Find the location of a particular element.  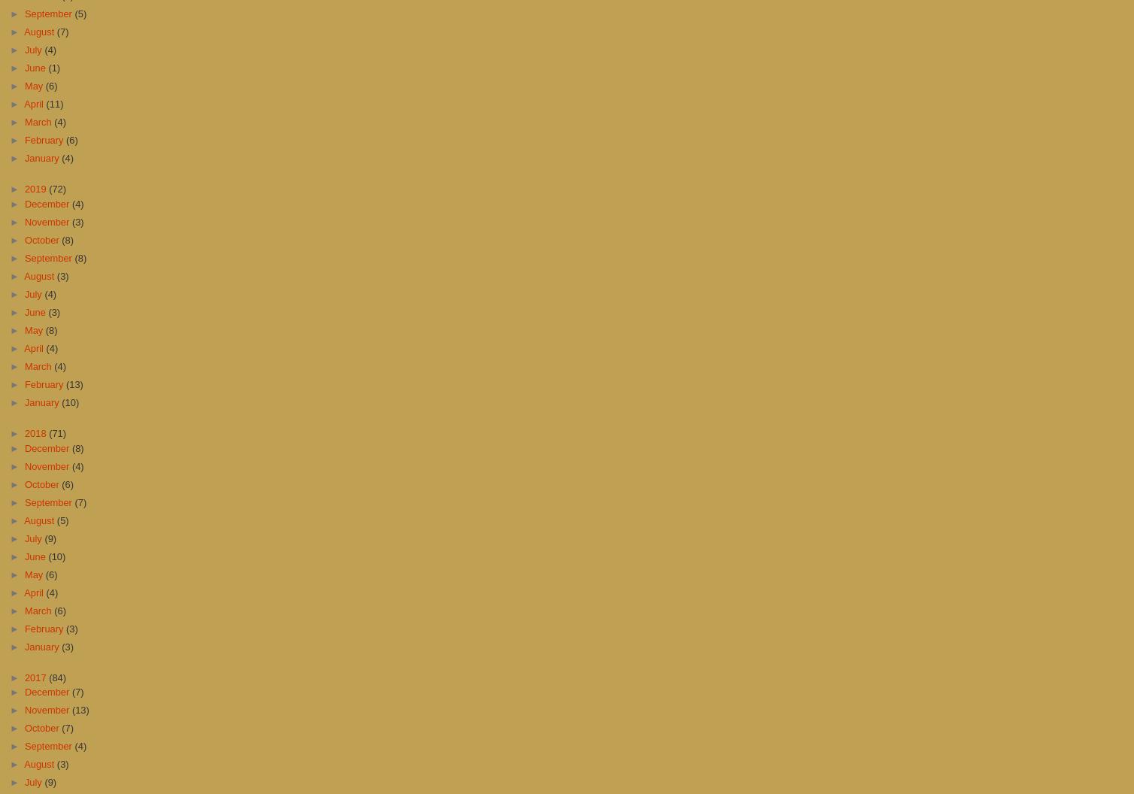

'2017' is located at coordinates (36, 676).